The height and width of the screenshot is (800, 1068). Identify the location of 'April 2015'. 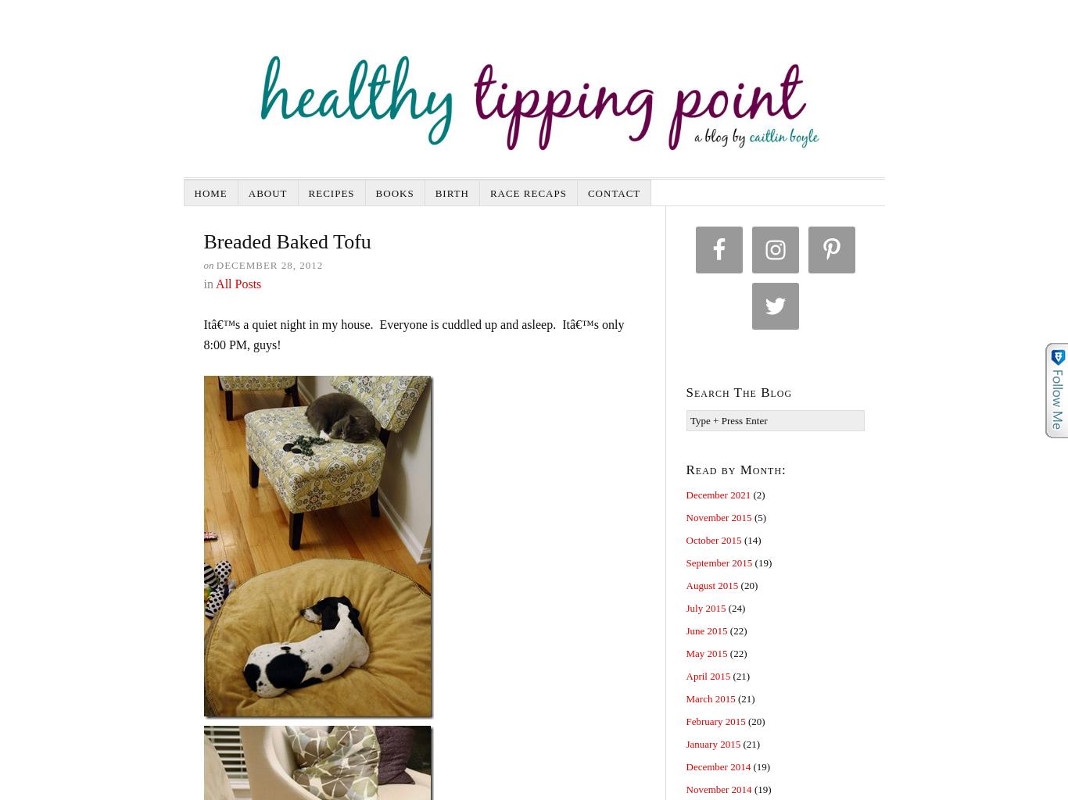
(707, 676).